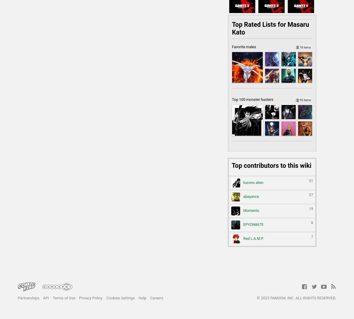 The image size is (354, 319). Describe the element at coordinates (253, 238) in the screenshot. I see `'Red L.A.M.P.'` at that location.